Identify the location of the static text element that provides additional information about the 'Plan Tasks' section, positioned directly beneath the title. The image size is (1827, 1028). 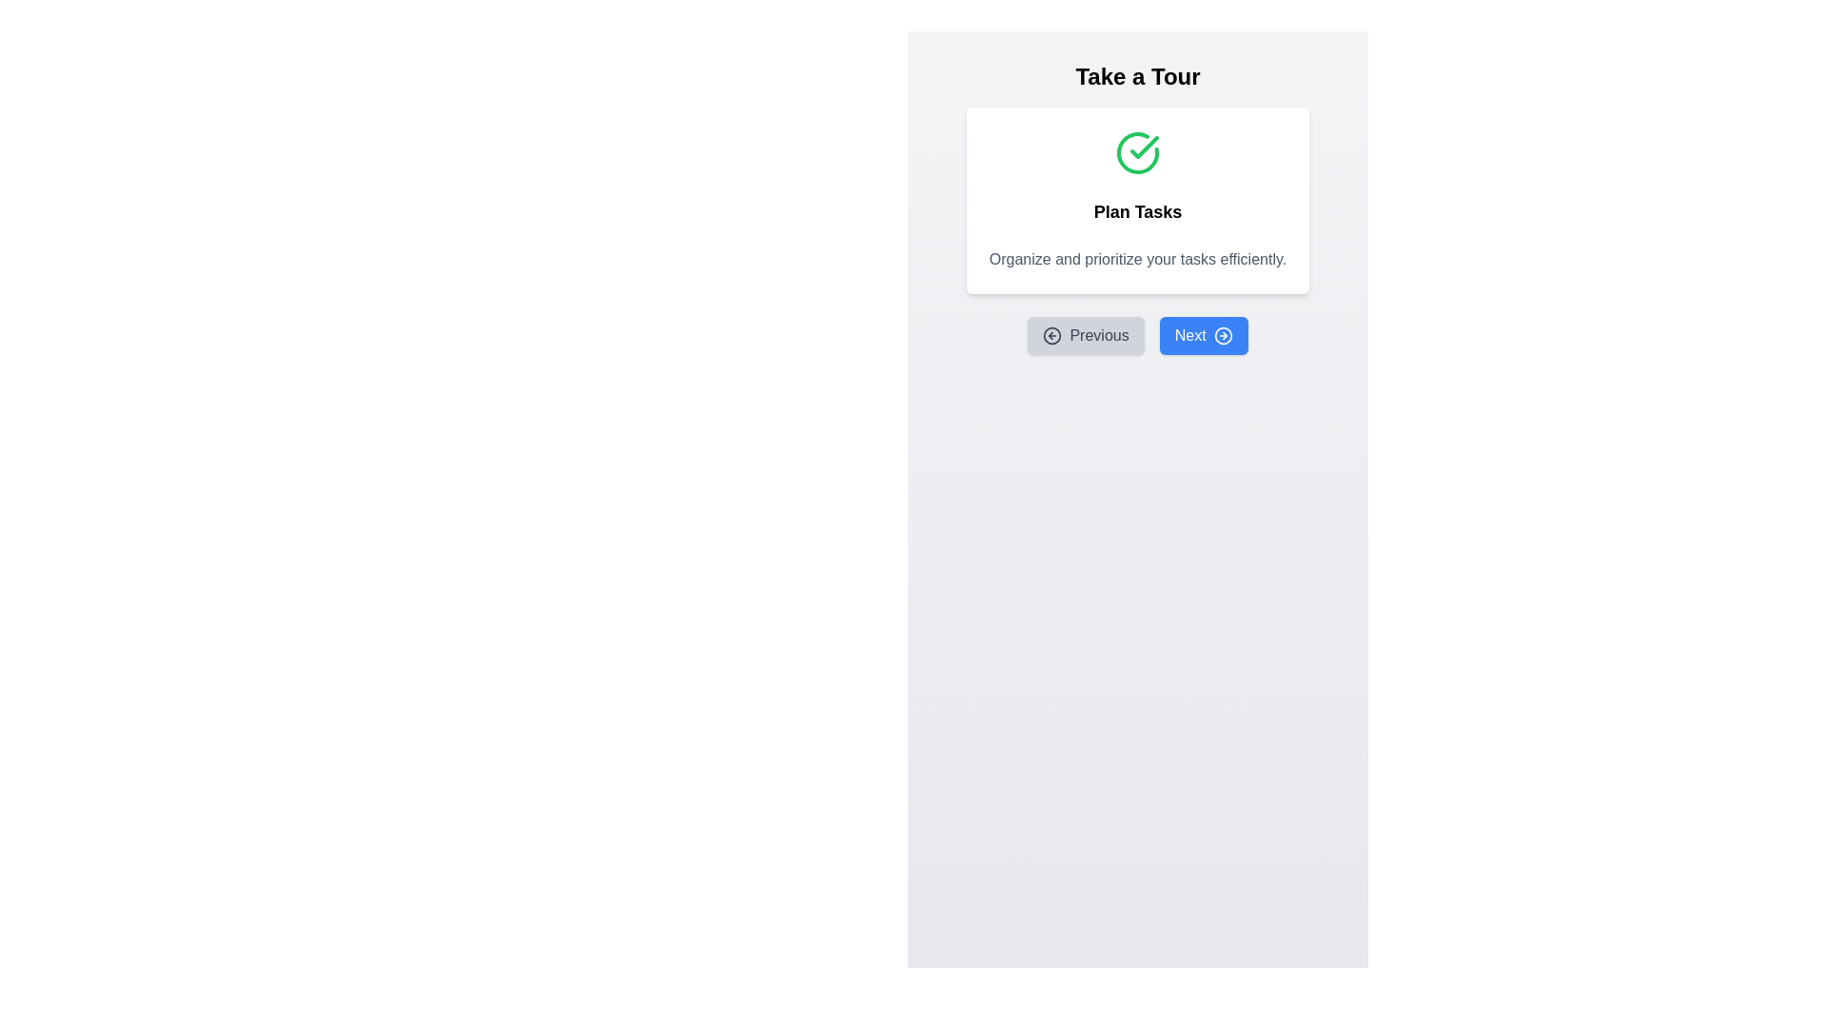
(1137, 260).